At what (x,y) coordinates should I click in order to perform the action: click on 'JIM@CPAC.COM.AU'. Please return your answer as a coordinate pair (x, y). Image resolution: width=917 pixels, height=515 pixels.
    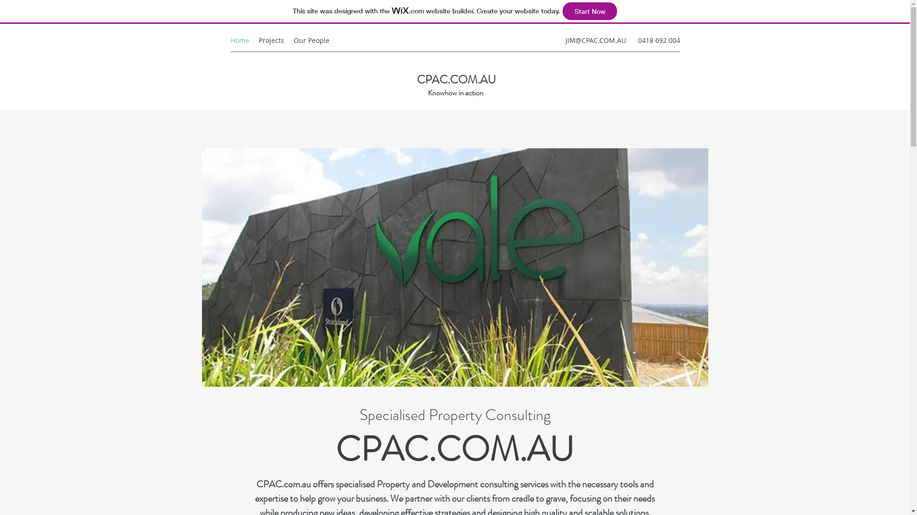
    Looking at the image, I should click on (595, 40).